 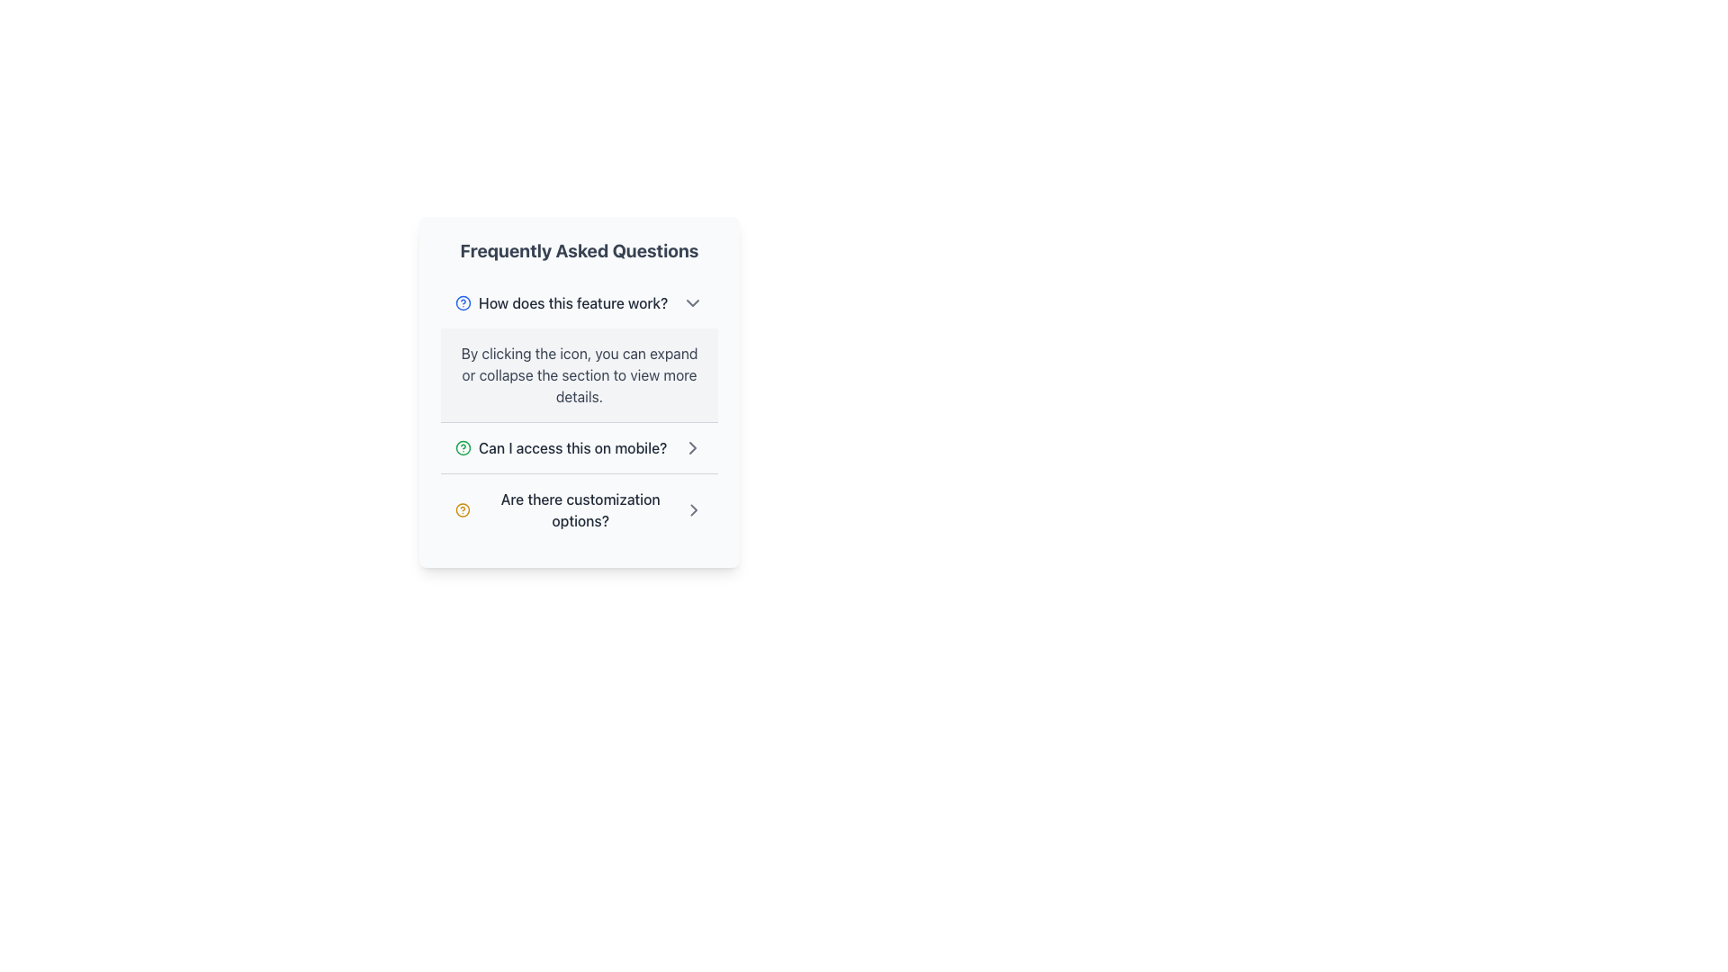 What do you see at coordinates (692, 510) in the screenshot?
I see `the right-facing gray chevron icon next to the text 'Are there customization options?'` at bounding box center [692, 510].